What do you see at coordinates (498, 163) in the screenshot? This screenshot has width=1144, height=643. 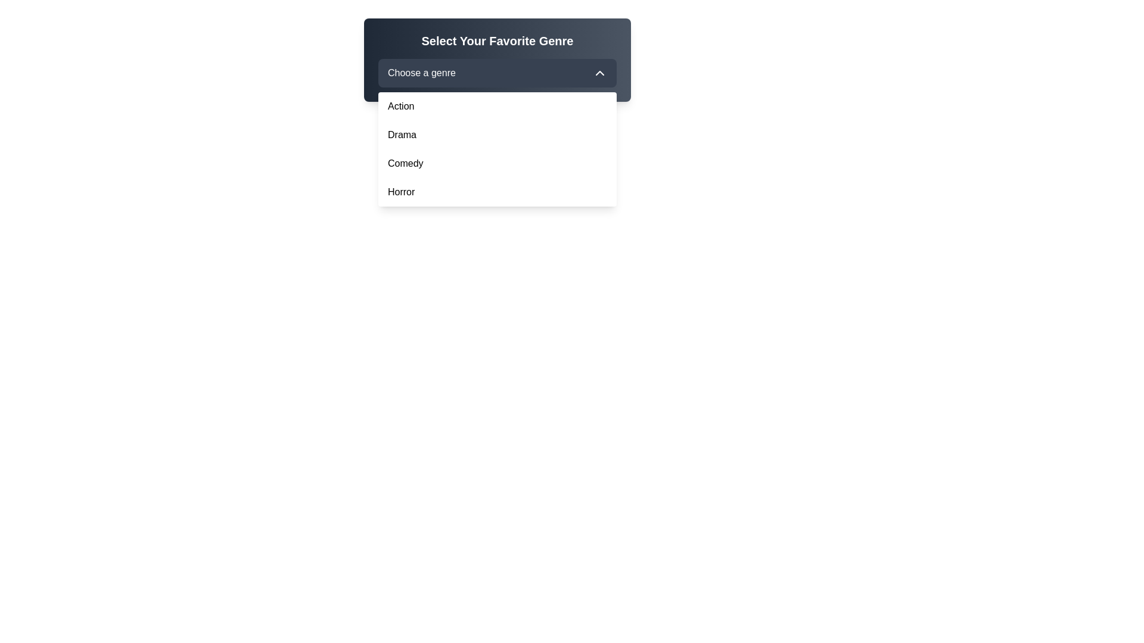 I see `the 'Comedy' dropdown menu option, which is the third item in a vertical list` at bounding box center [498, 163].